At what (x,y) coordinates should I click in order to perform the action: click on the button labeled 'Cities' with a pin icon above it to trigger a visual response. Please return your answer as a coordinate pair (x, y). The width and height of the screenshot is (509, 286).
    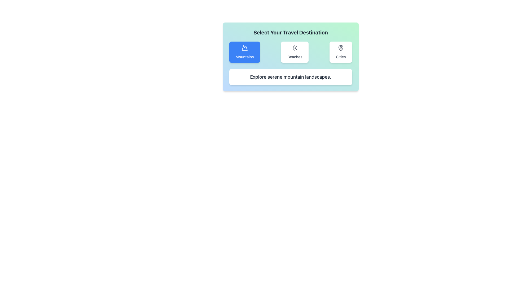
    Looking at the image, I should click on (341, 52).